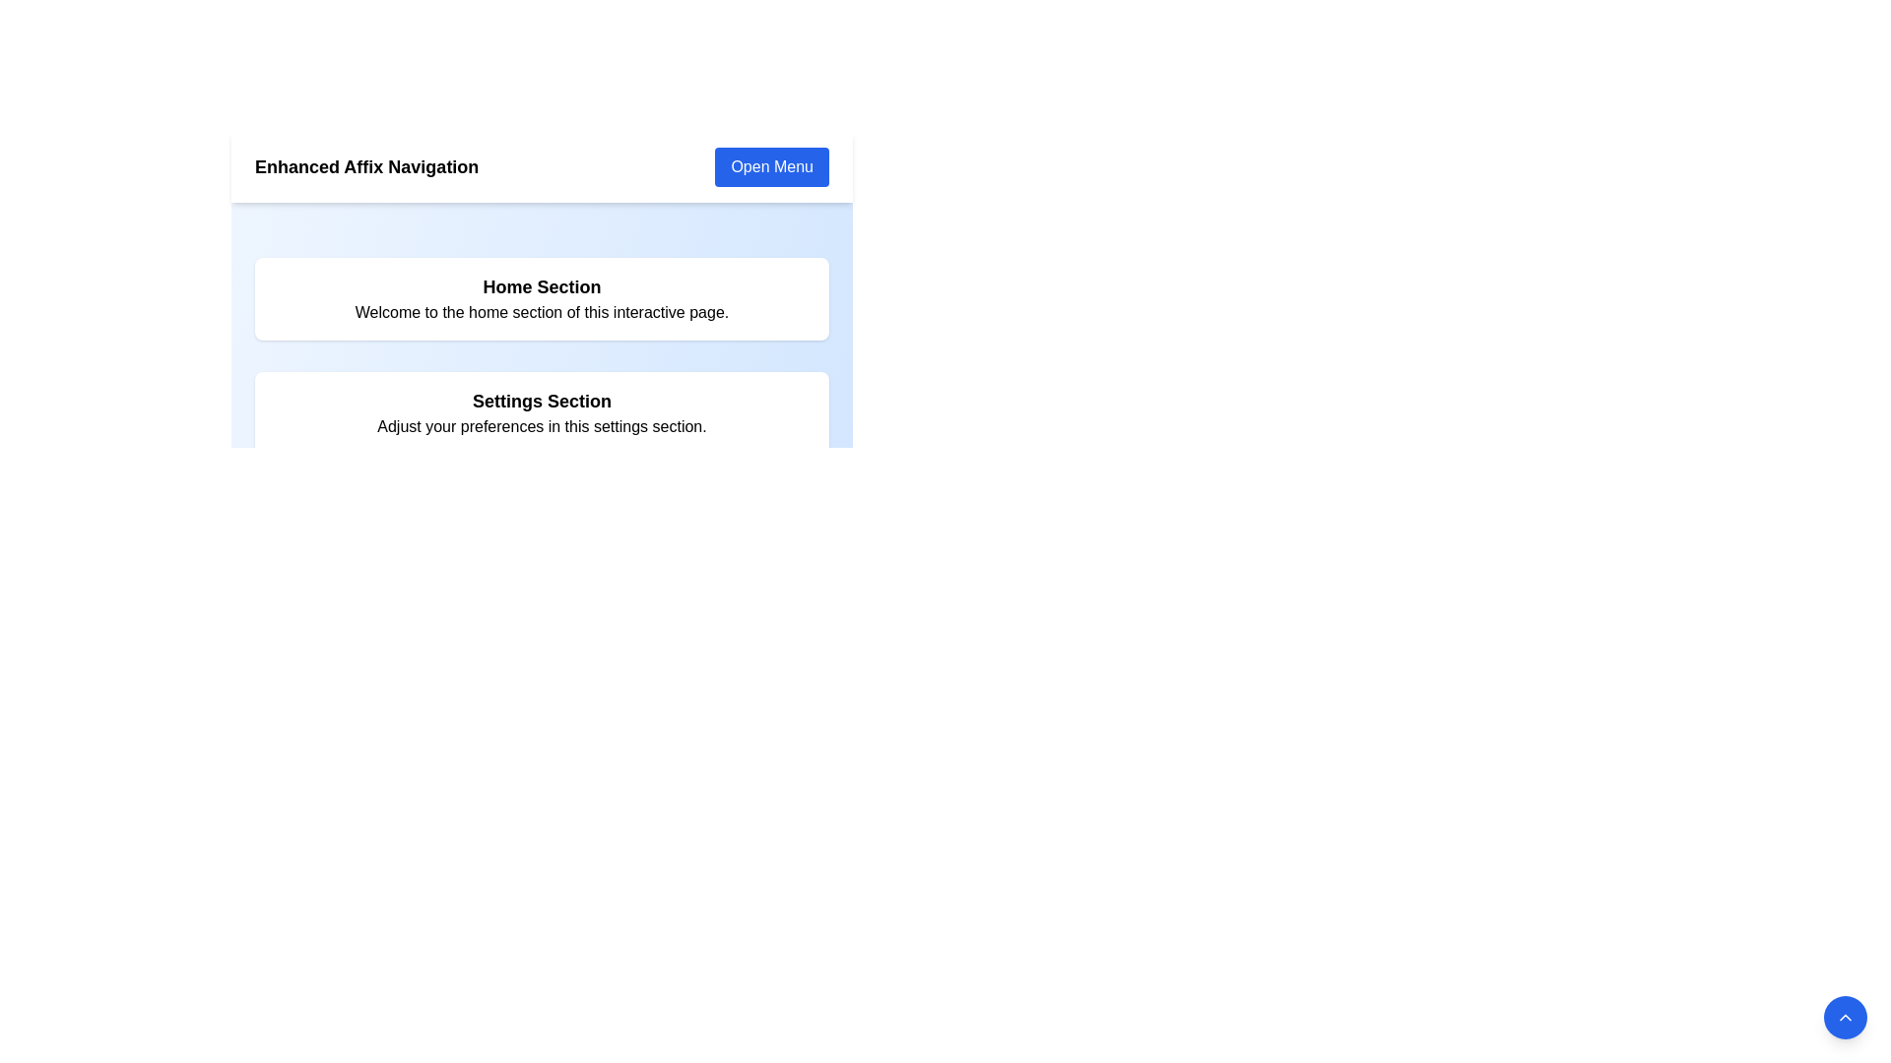 The image size is (1891, 1063). I want to click on text content within the informational banner that introduces the 'Home Section' of the interface, located just below the header and above the 'Settings Section', so click(542, 299).